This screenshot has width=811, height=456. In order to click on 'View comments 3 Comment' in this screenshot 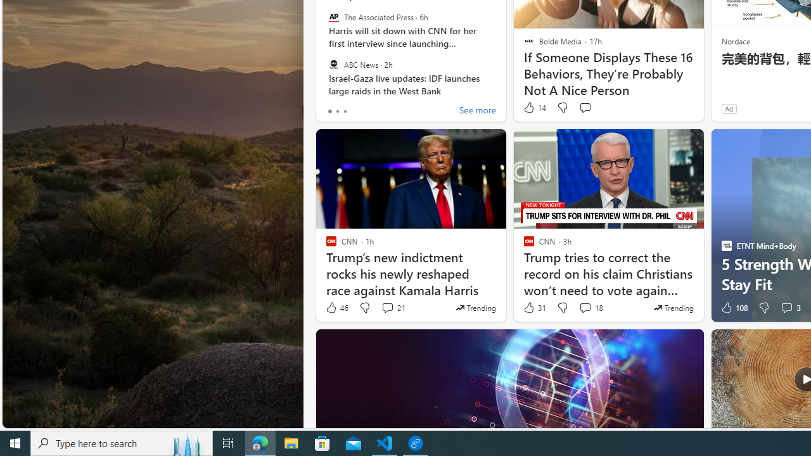, I will do `click(789, 308)`.